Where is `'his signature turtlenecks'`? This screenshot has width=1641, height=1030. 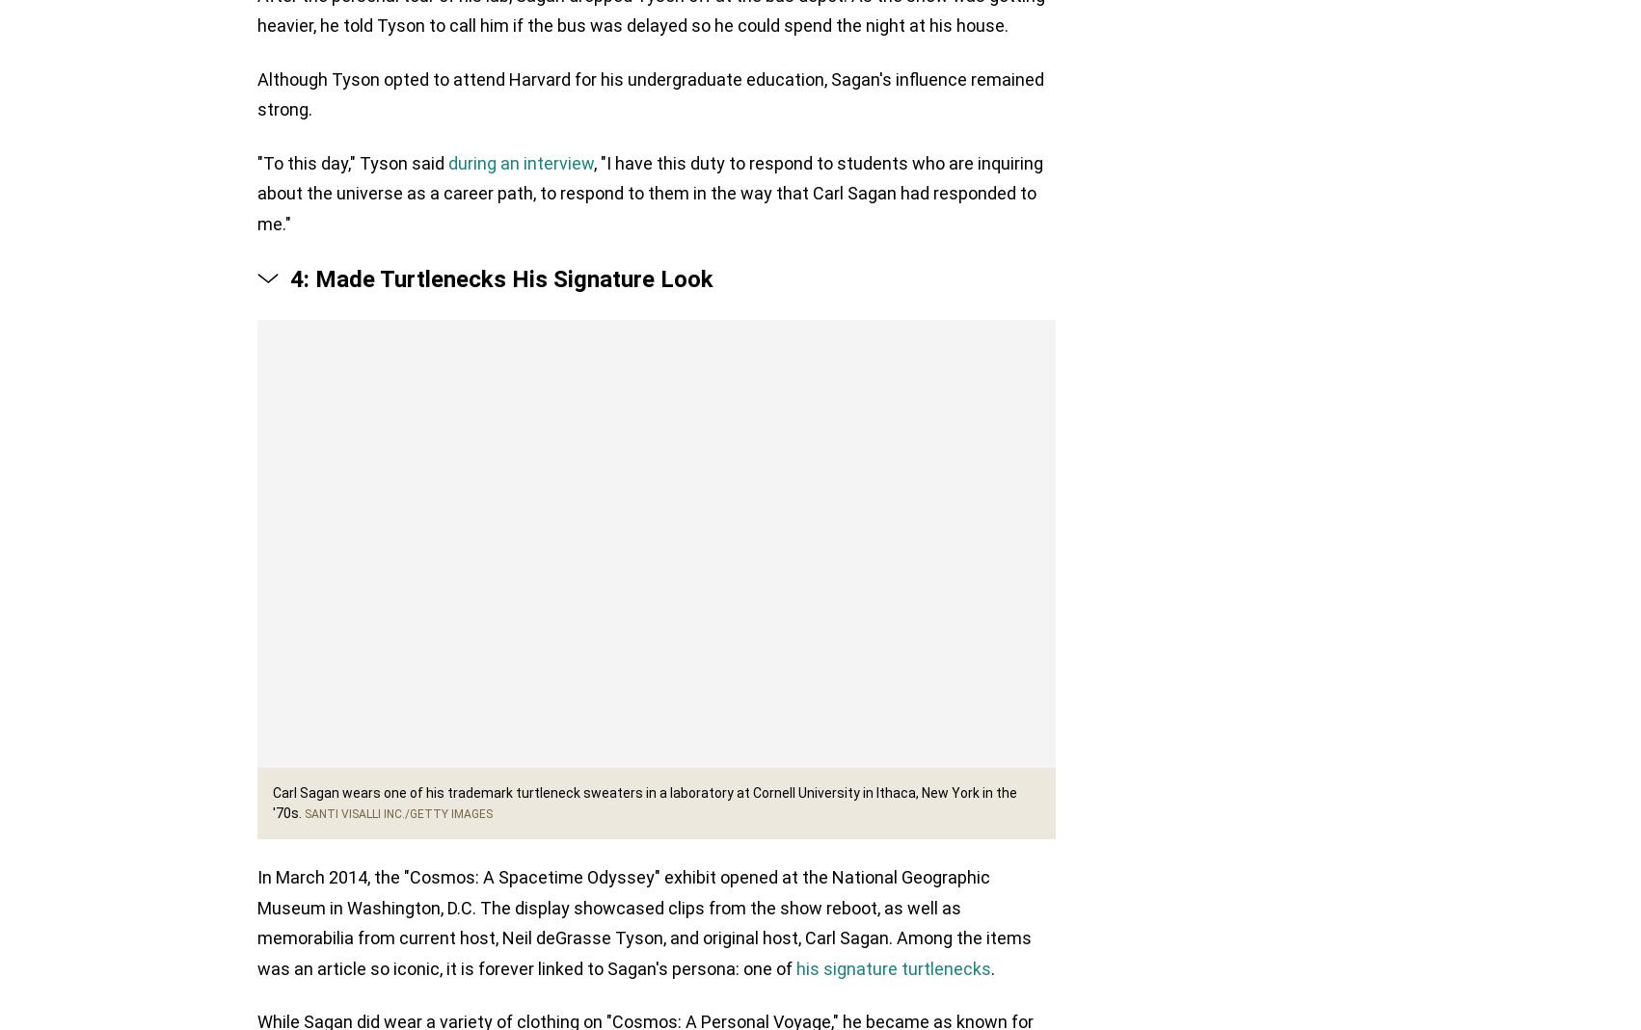 'his signature turtlenecks' is located at coordinates (794, 970).